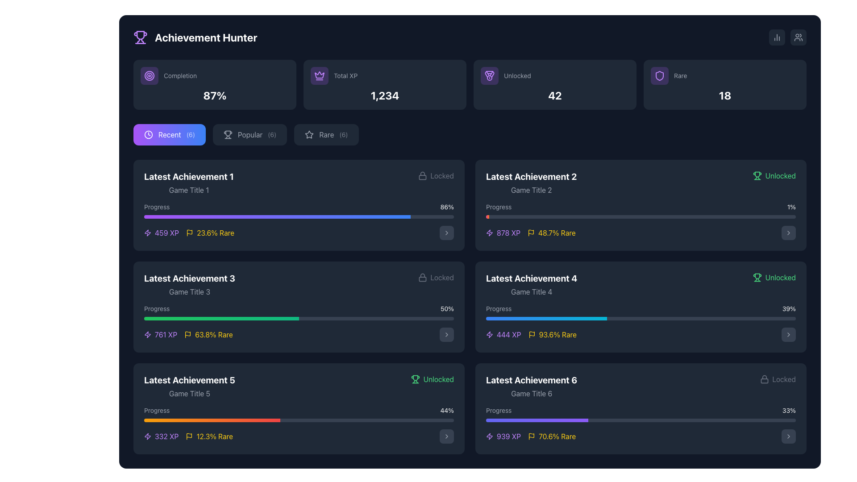 The width and height of the screenshot is (857, 482). What do you see at coordinates (774, 175) in the screenshot?
I see `the status of the achievement indicated by the label with an icon in the top-right corner of the 'Latest Achievement 2' panel` at bounding box center [774, 175].